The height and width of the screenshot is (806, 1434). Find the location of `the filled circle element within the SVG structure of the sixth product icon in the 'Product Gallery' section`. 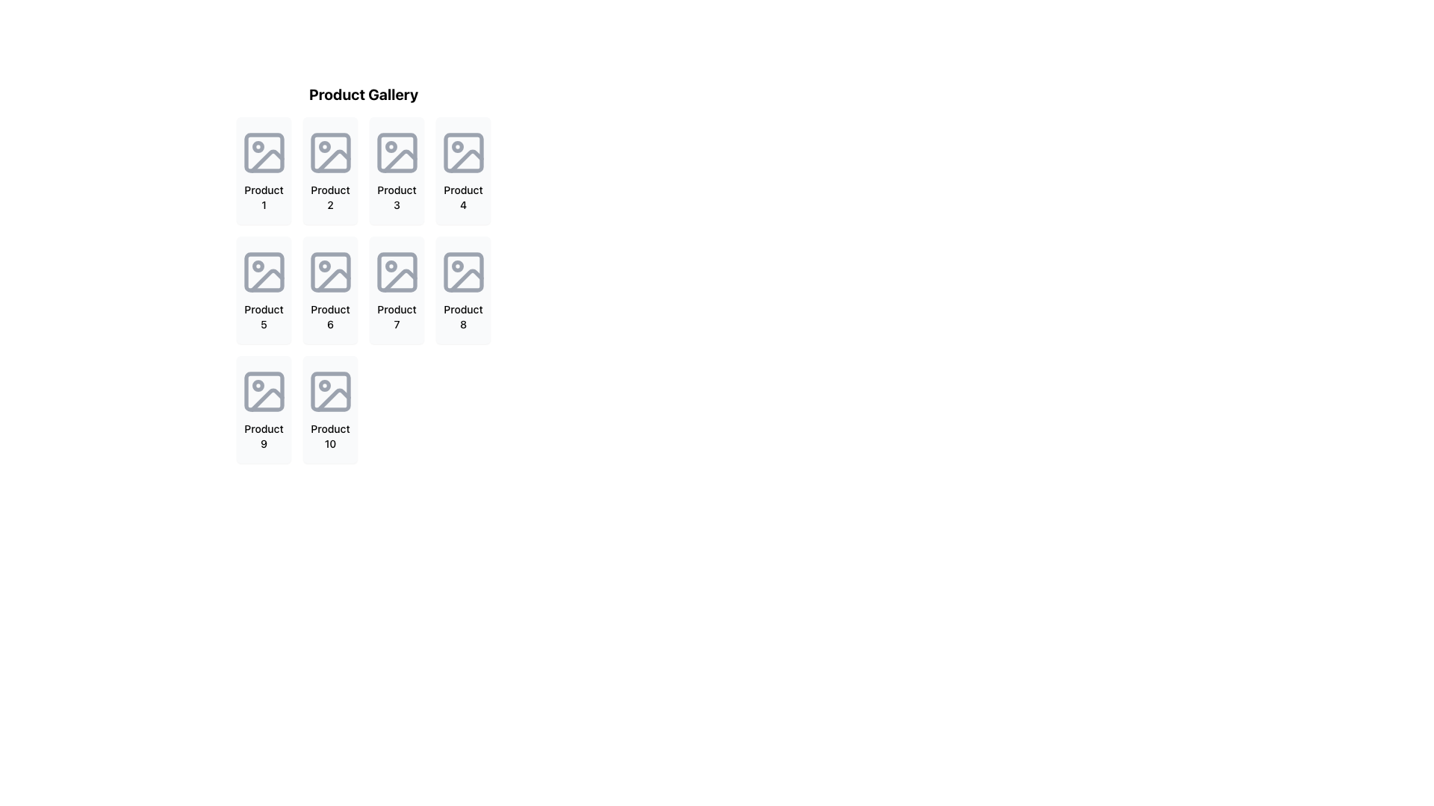

the filled circle element within the SVG structure of the sixth product icon in the 'Product Gallery' section is located at coordinates (323, 266).